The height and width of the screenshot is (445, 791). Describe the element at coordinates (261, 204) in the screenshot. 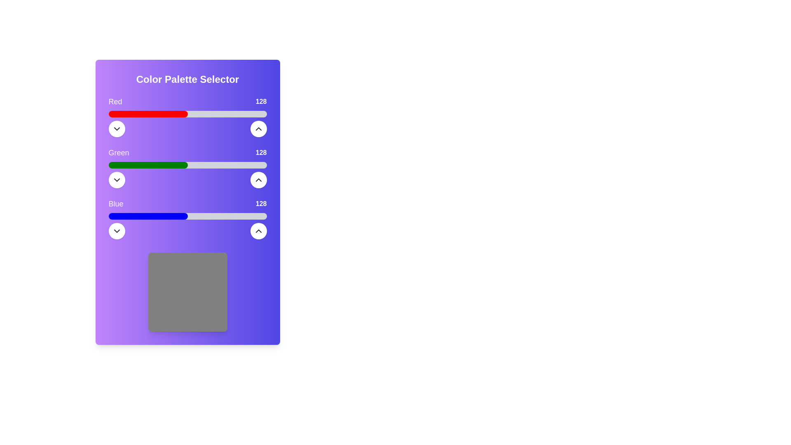

I see `the bold text display showing the value '128' aligned at the far-right end of the row labeled 'Blue'` at that location.